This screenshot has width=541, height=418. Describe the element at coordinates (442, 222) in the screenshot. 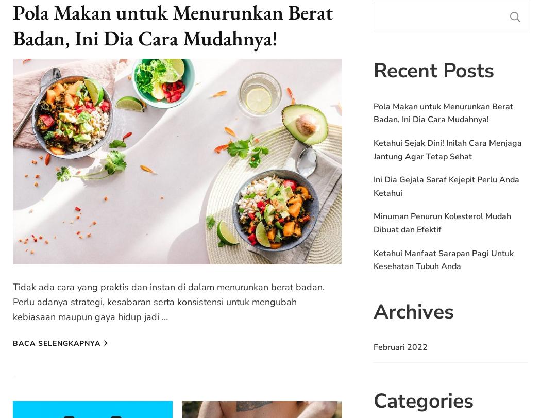

I see `'Minuman Penurun Kolesterol Mudah Dibuat dan Efektif'` at that location.